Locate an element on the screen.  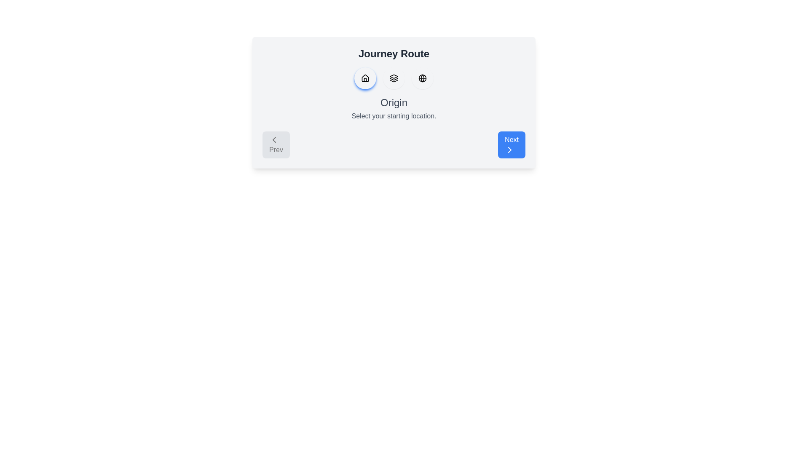
the house outline icon, which is the first icon on the left side of the group underneath the 'Journey Route' title, to choose the origin is located at coordinates (365, 78).